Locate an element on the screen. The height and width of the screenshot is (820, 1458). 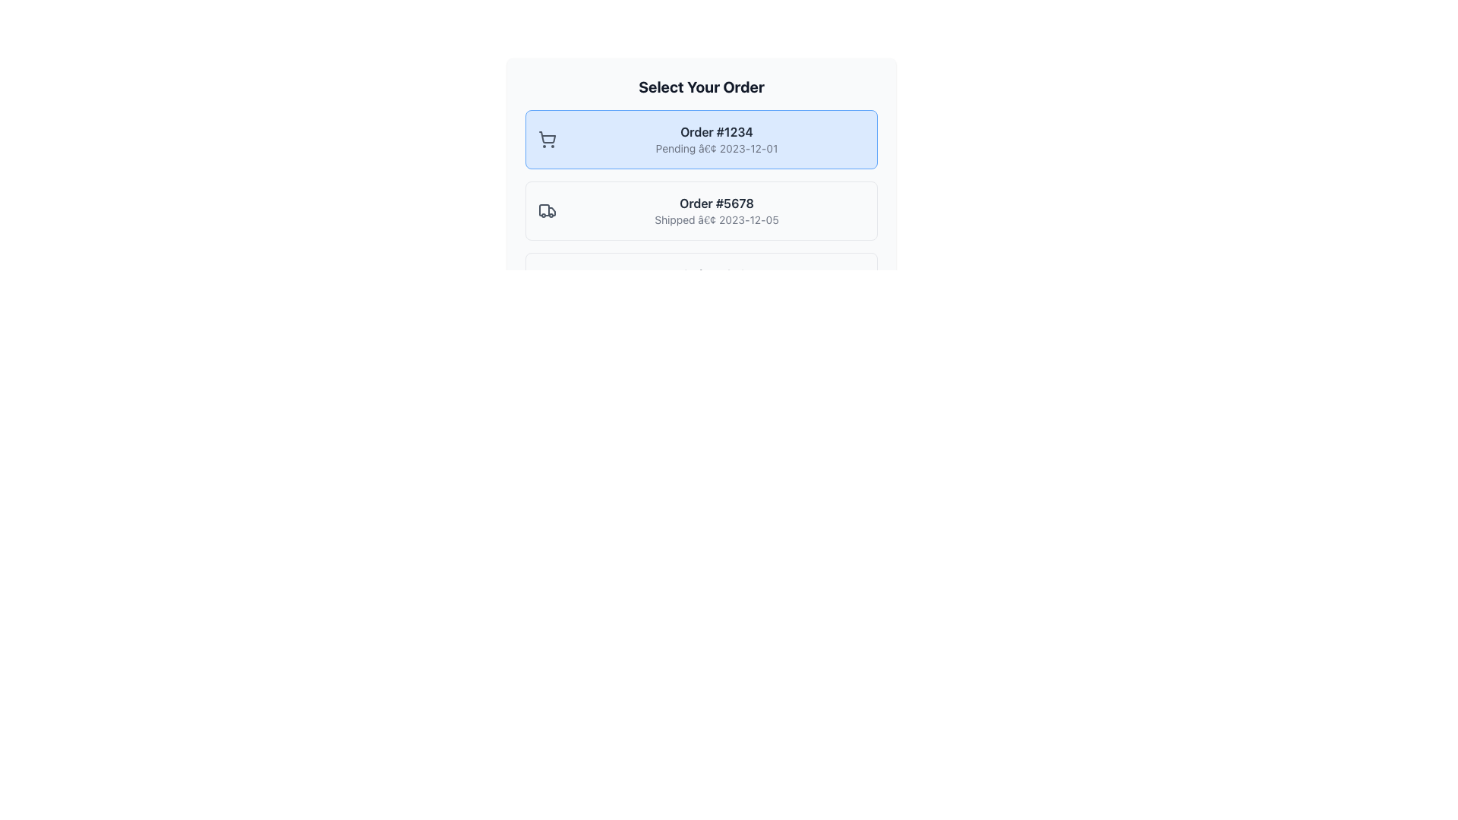
the text element displaying 'Pending • 2023-12-01', which is styled as supplementary information beneath the title 'Order #1234' is located at coordinates (716, 149).